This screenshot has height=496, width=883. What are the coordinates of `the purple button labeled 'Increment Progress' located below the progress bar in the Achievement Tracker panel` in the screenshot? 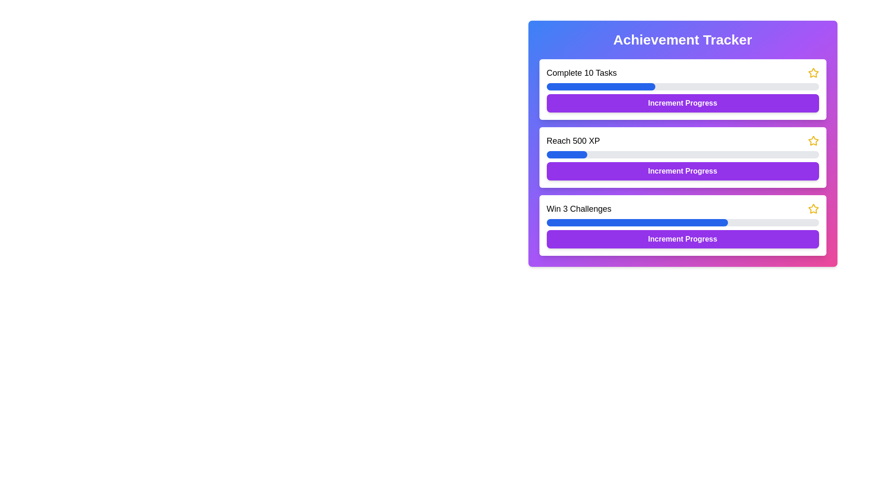 It's located at (682, 238).